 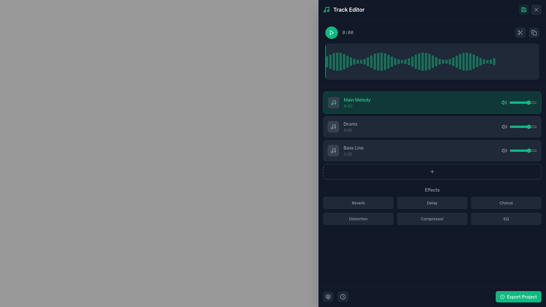 I want to click on the 'Delay' effect button located in the Effects section of the music editor, which is the second button in a grid of six buttons, so click(x=432, y=202).